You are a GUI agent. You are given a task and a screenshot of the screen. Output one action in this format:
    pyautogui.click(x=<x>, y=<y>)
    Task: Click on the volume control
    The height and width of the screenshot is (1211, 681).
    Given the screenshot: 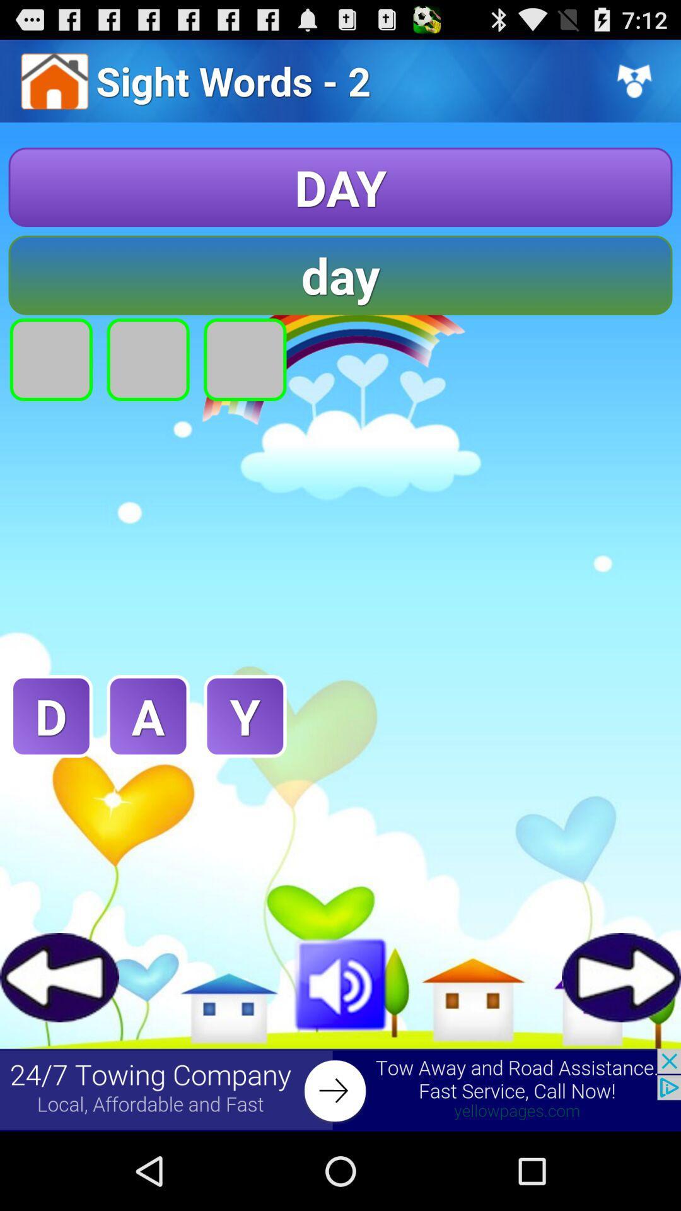 What is the action you would take?
    pyautogui.click(x=340, y=981)
    